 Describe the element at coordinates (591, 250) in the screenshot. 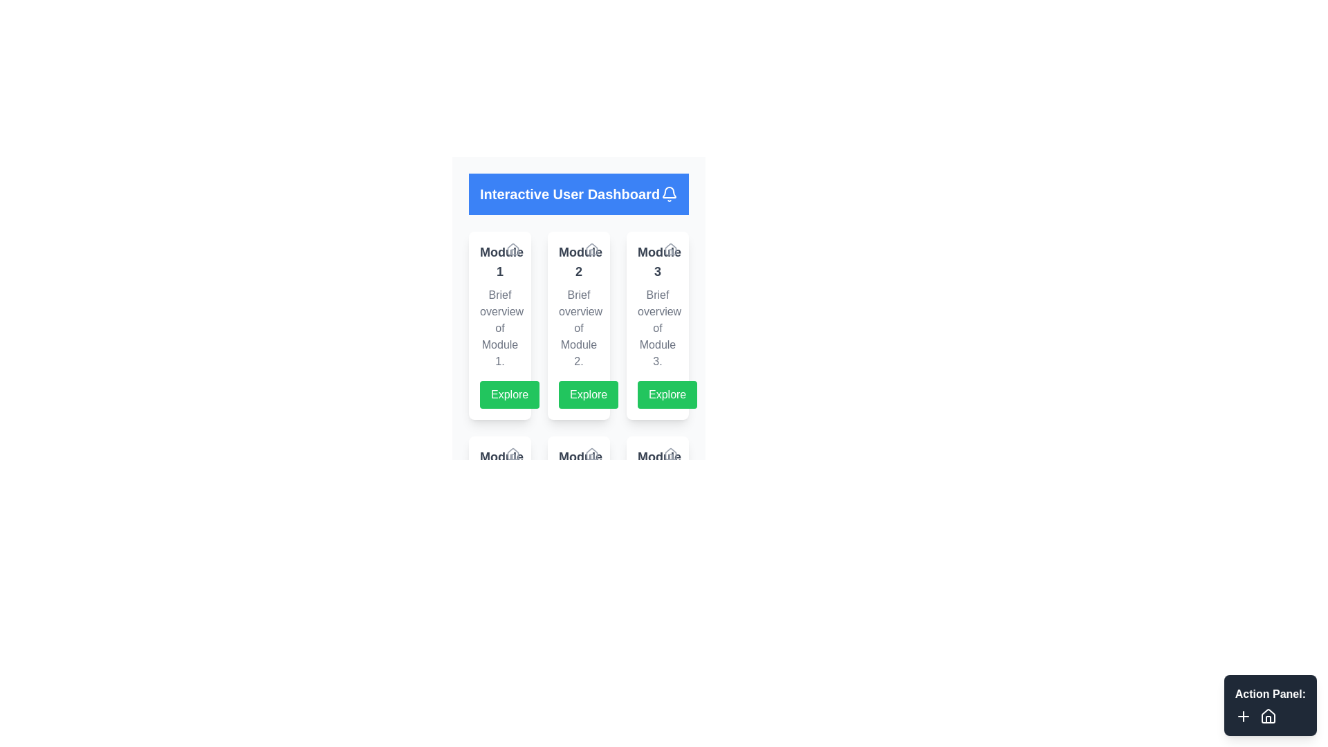

I see `the home indicator icon located in the upper-right corner of the 'Module 2' card` at that location.